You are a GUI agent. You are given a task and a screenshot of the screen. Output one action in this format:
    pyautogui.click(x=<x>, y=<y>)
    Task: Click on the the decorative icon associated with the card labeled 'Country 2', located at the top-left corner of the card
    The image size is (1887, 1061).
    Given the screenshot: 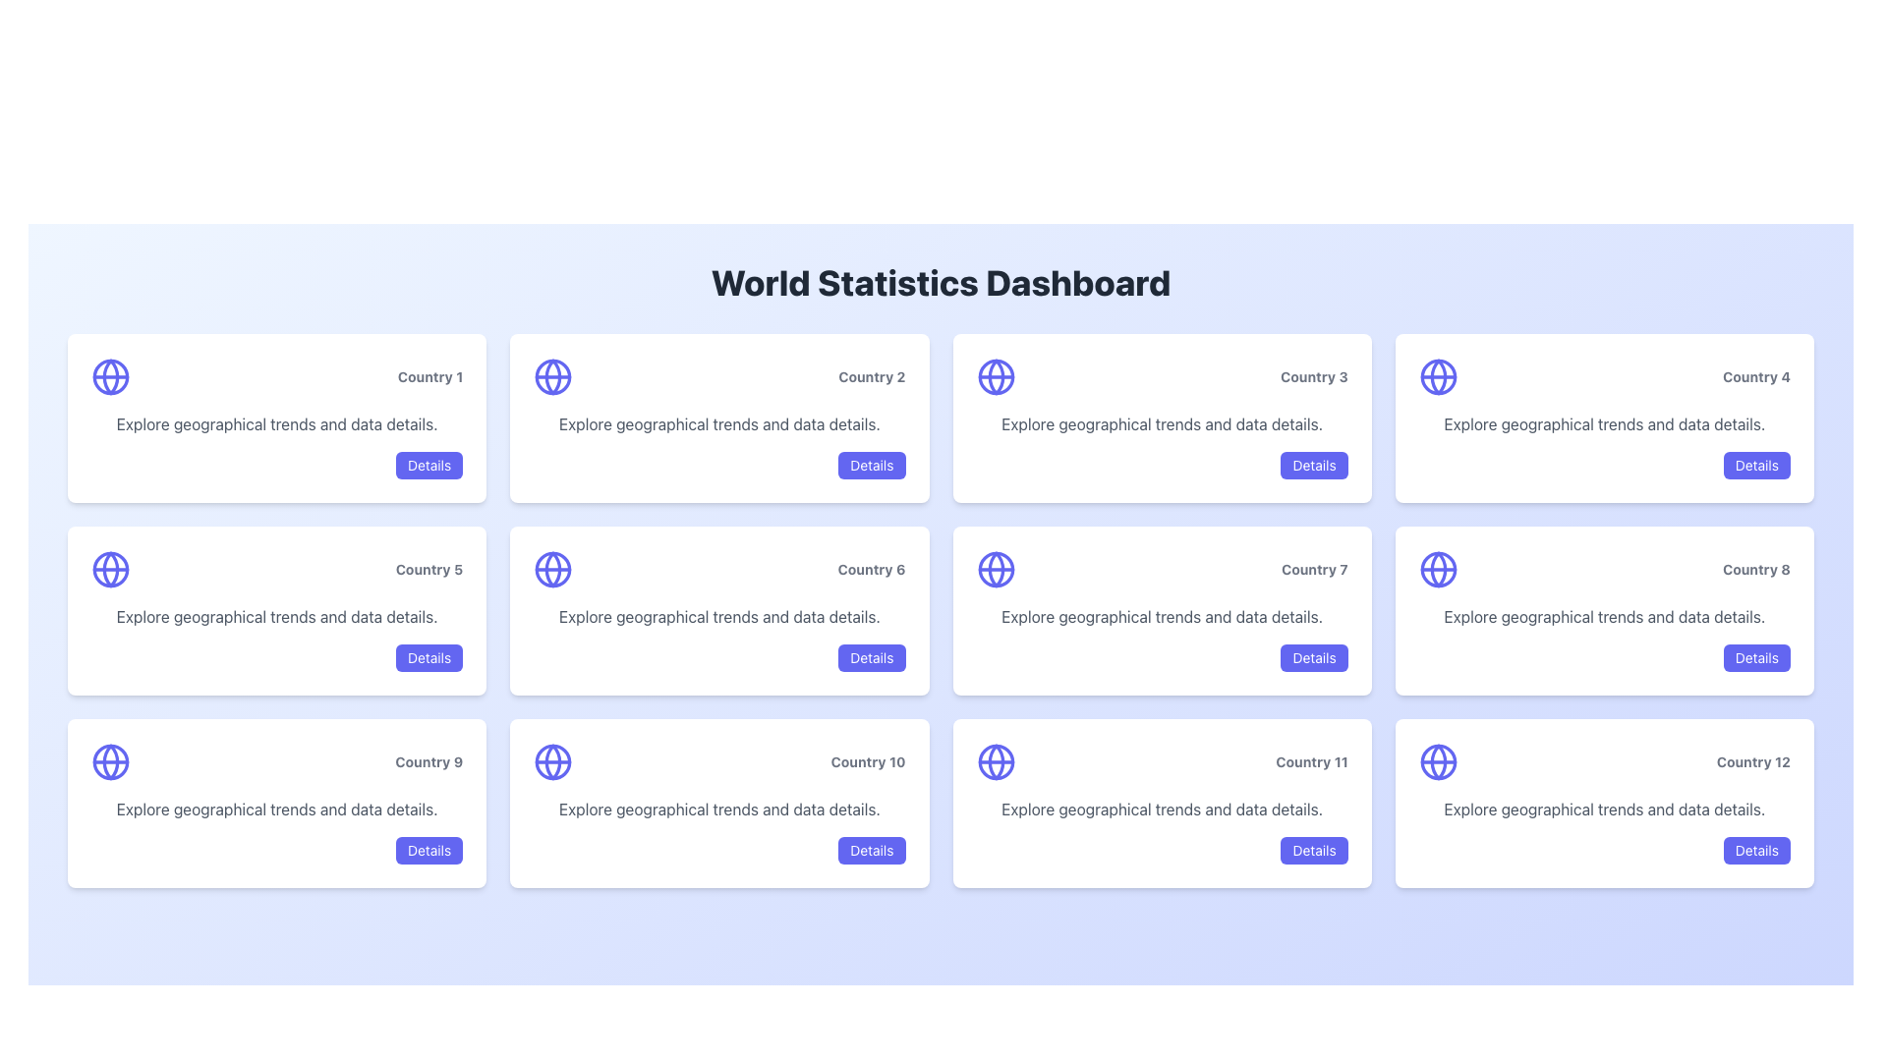 What is the action you would take?
    pyautogui.click(x=552, y=377)
    